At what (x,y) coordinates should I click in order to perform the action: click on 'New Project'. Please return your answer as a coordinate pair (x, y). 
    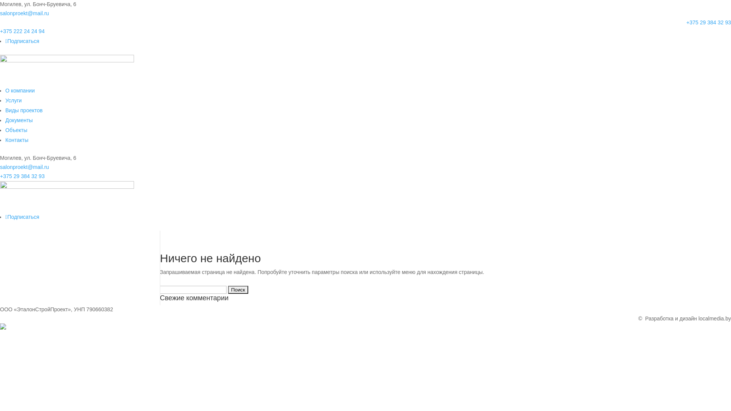
    Looking at the image, I should click on (67, 196).